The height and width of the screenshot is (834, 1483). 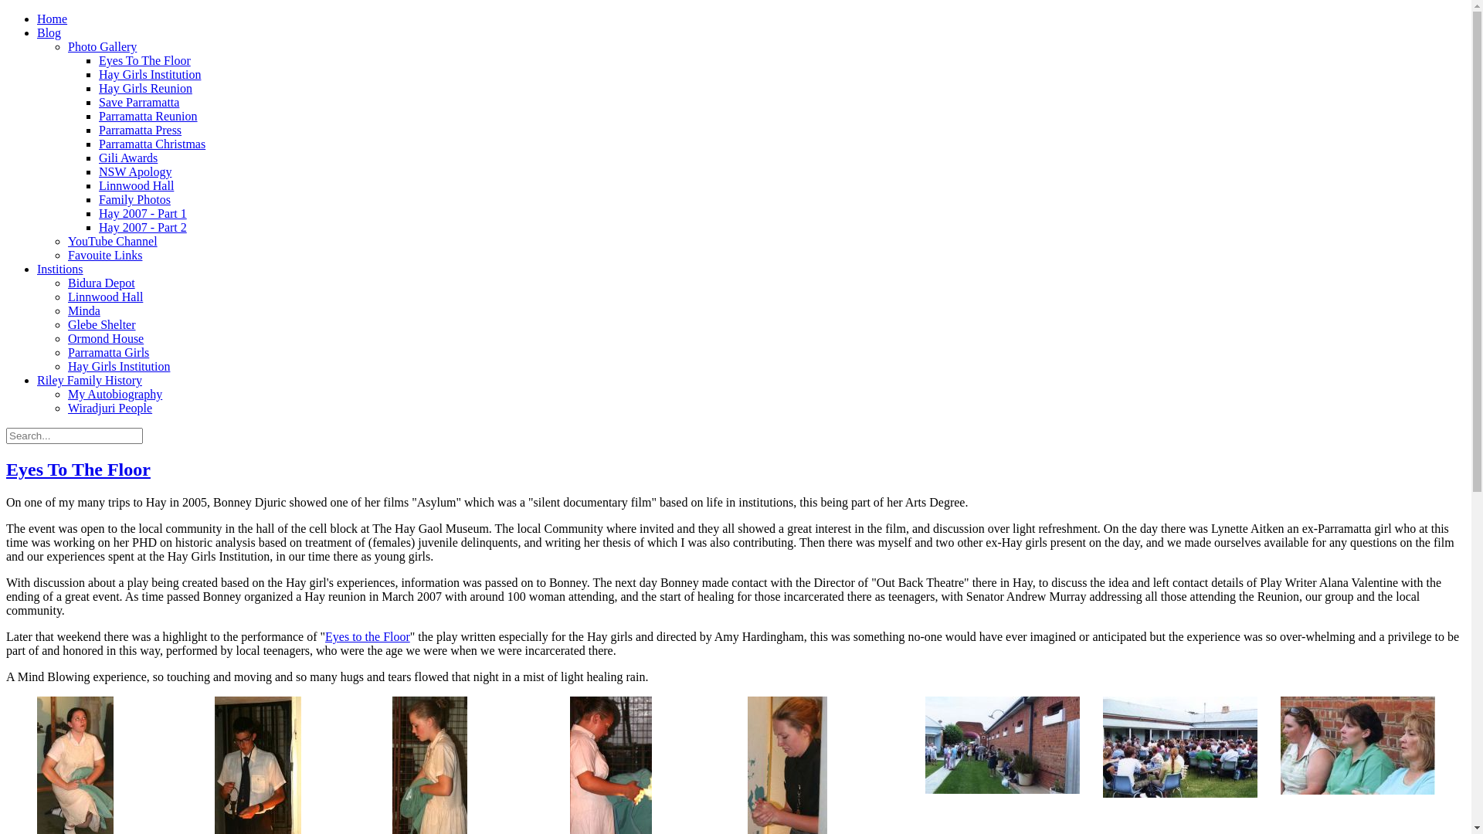 What do you see at coordinates (134, 171) in the screenshot?
I see `'NSW Apology'` at bounding box center [134, 171].